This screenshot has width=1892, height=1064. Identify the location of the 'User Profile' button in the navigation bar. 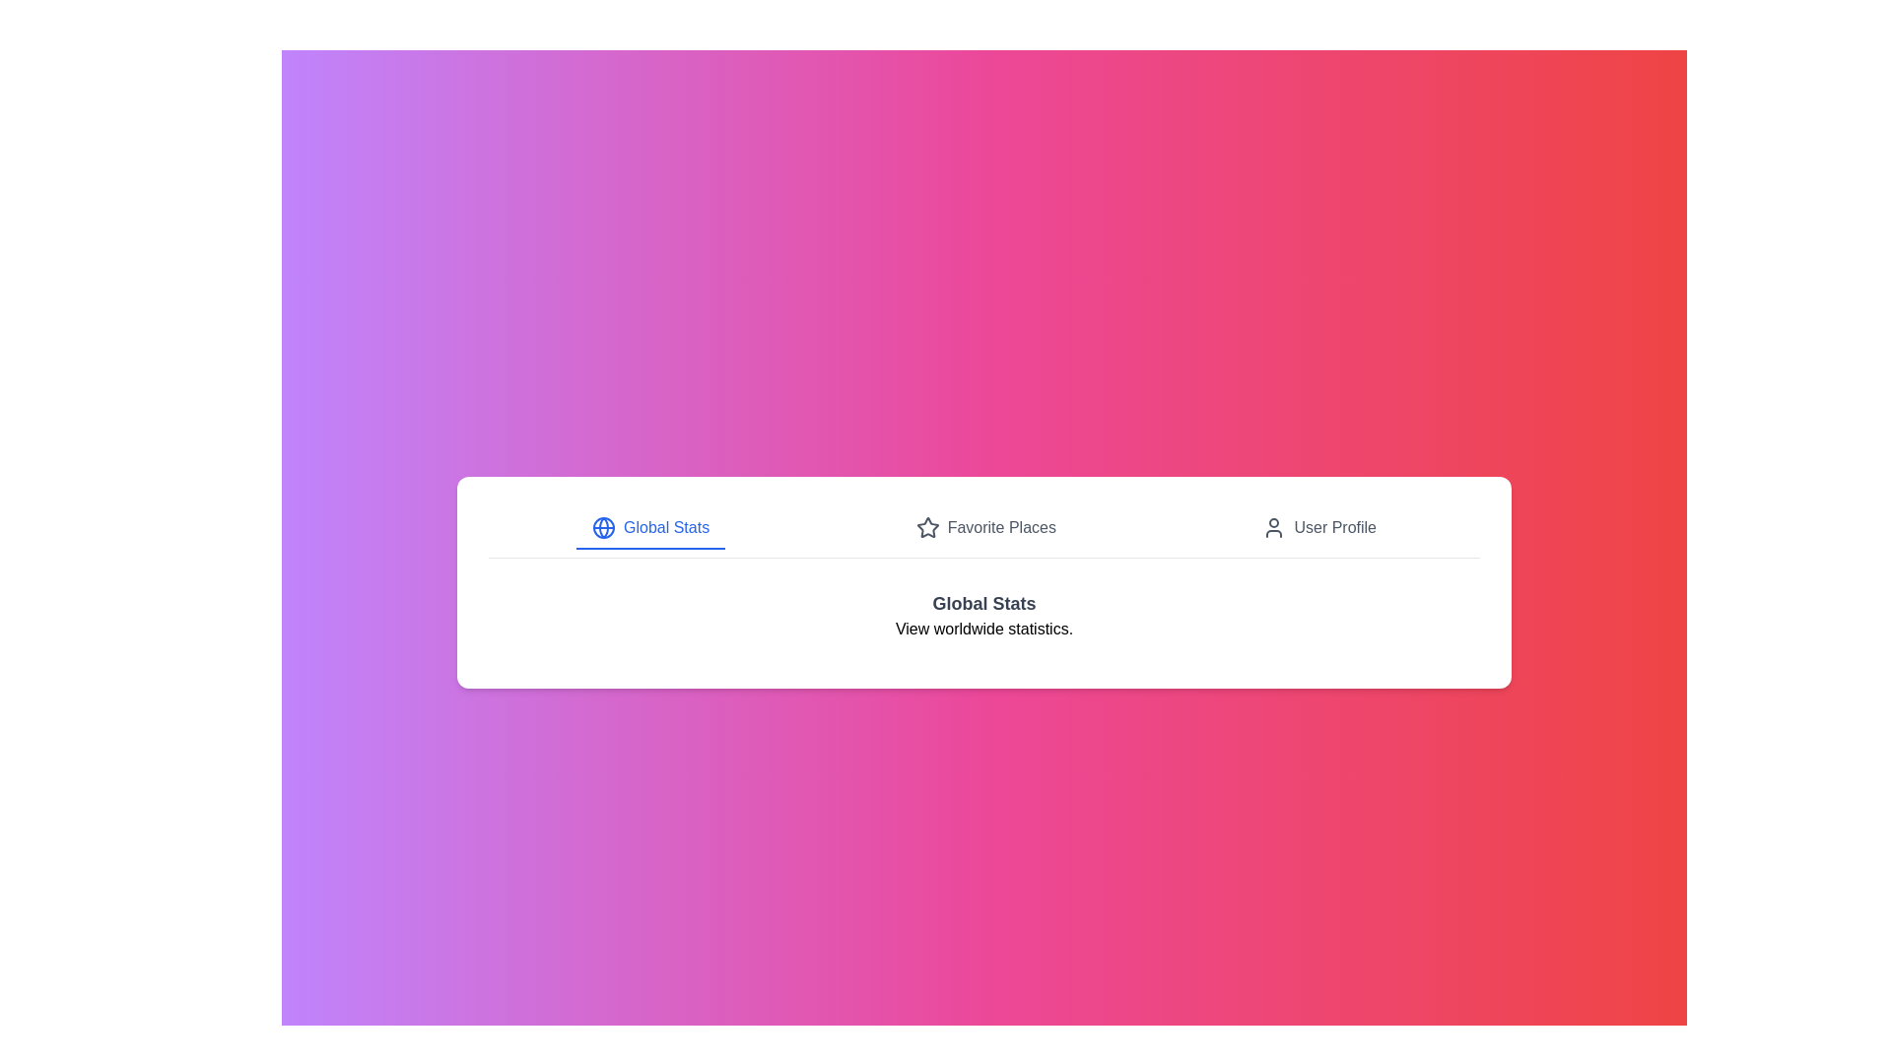
(1319, 527).